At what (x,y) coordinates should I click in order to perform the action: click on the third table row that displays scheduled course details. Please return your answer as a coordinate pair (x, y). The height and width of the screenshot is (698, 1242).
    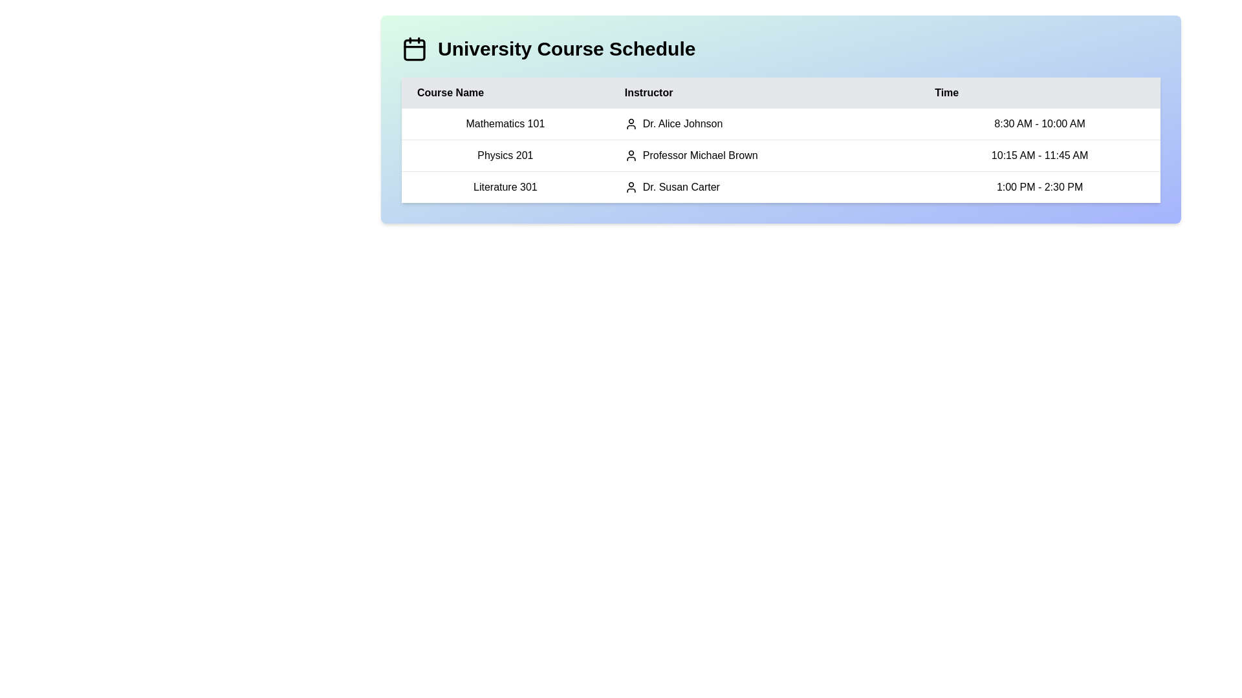
    Looking at the image, I should click on (780, 187).